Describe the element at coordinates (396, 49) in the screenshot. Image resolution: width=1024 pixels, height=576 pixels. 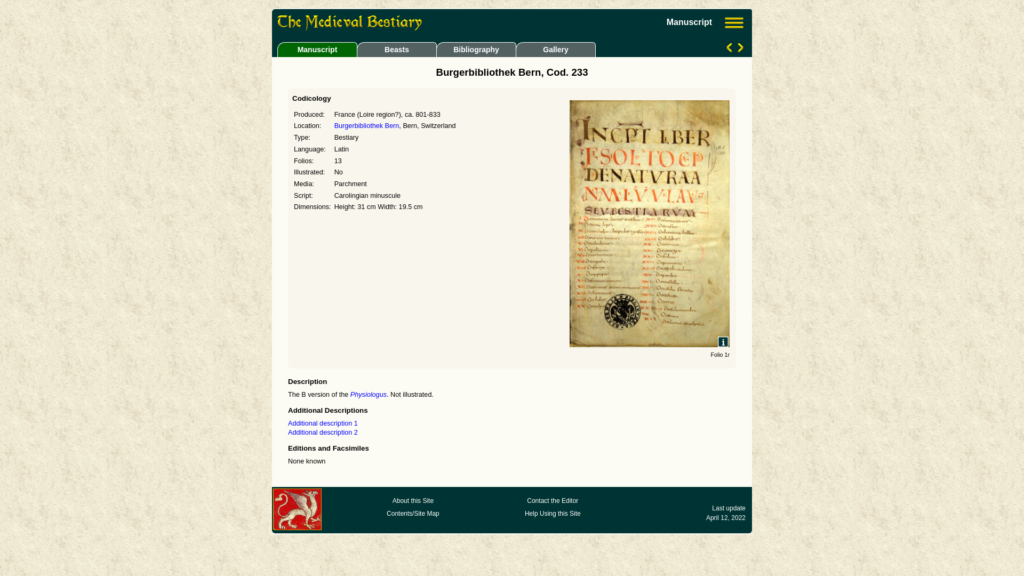
I see `'Beasts'` at that location.